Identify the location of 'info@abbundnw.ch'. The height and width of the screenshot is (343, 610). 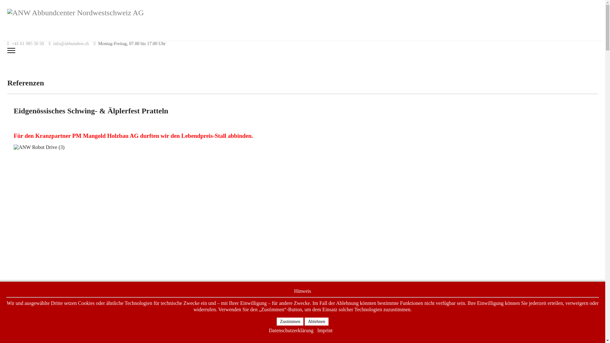
(53, 43).